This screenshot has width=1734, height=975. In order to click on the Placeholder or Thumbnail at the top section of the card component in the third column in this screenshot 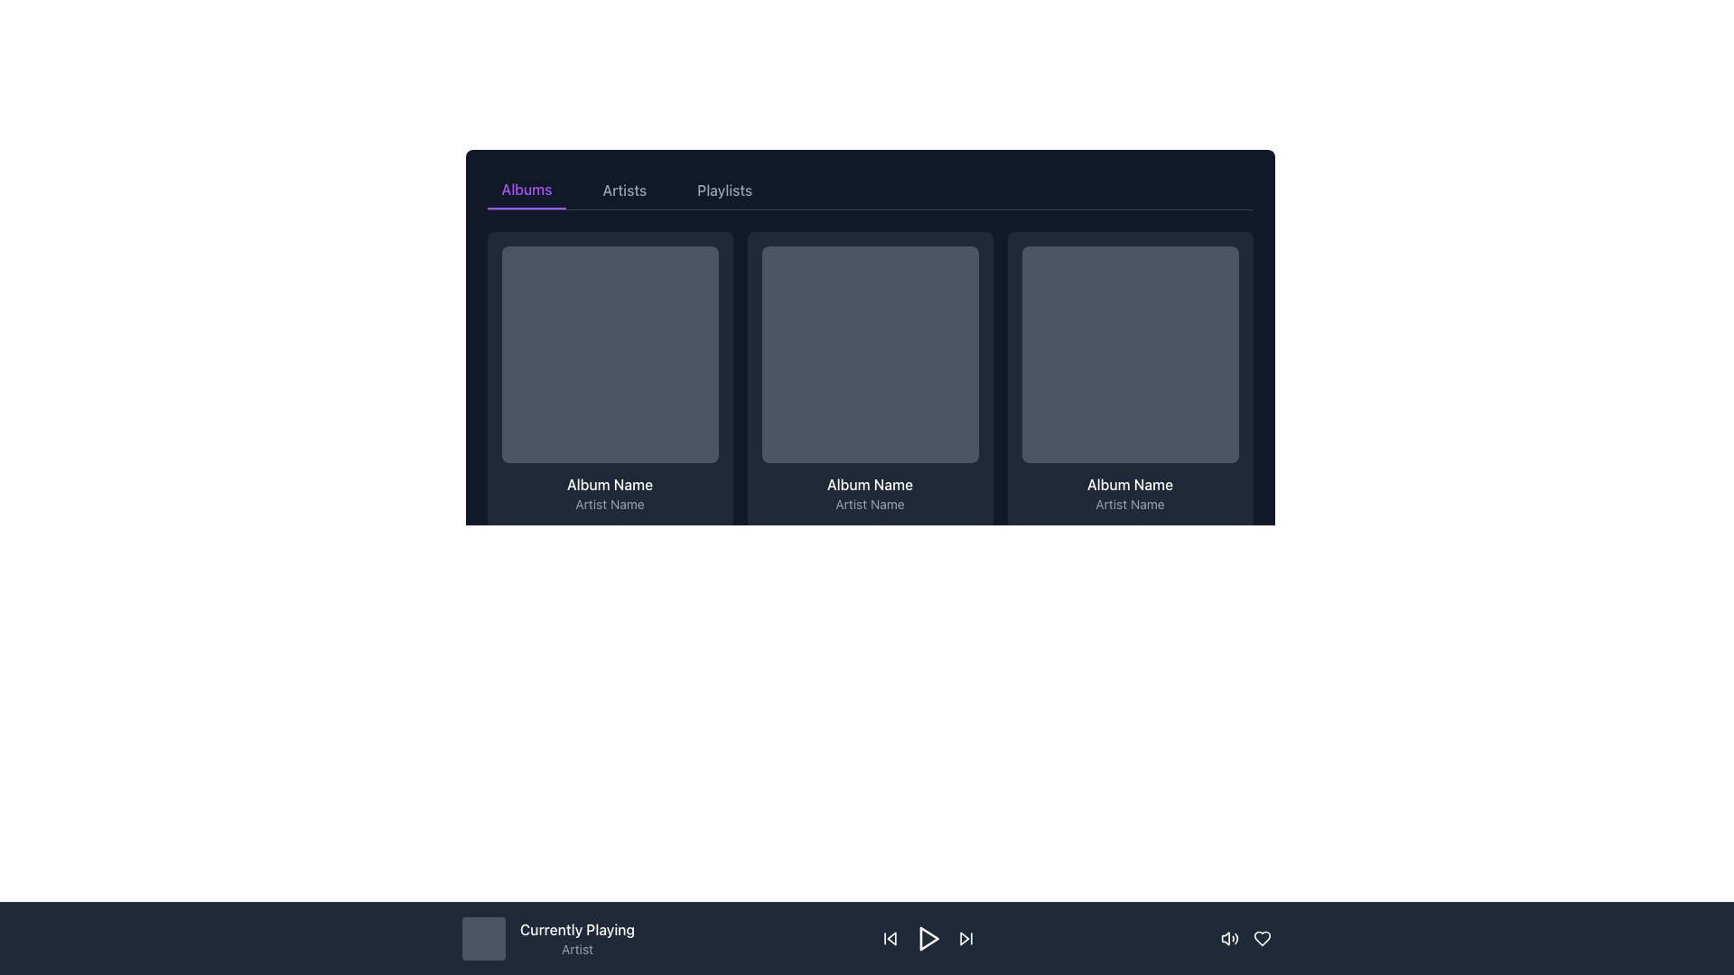, I will do `click(1129, 355)`.